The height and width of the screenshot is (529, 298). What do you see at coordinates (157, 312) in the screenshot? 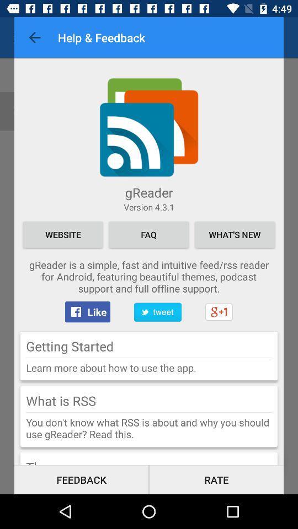
I see `item next to the like` at bounding box center [157, 312].